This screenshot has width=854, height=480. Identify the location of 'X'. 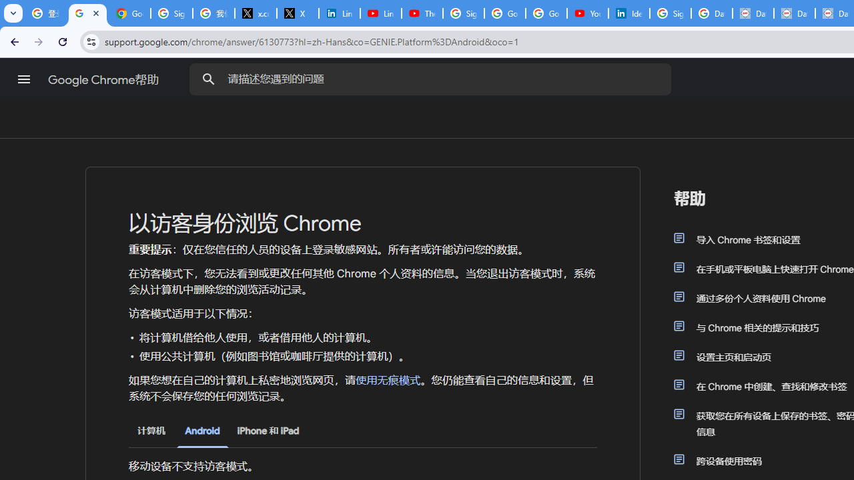
(297, 13).